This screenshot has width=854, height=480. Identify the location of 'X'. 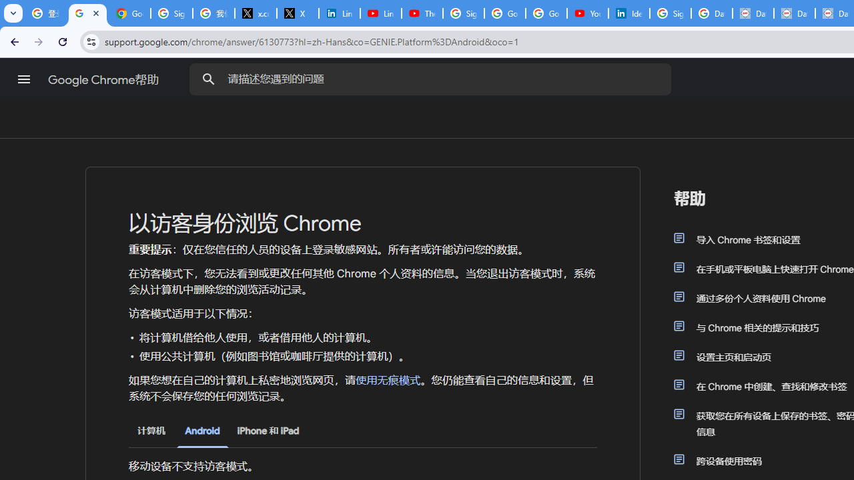
(297, 13).